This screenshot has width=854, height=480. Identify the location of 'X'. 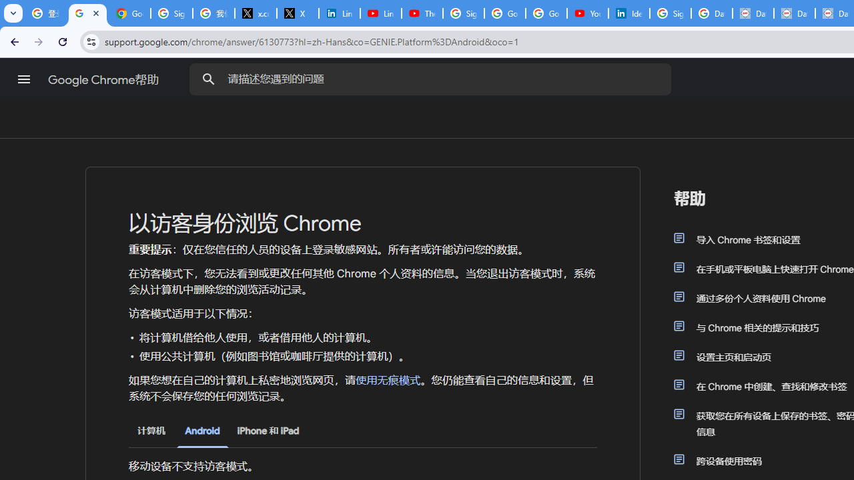
(297, 13).